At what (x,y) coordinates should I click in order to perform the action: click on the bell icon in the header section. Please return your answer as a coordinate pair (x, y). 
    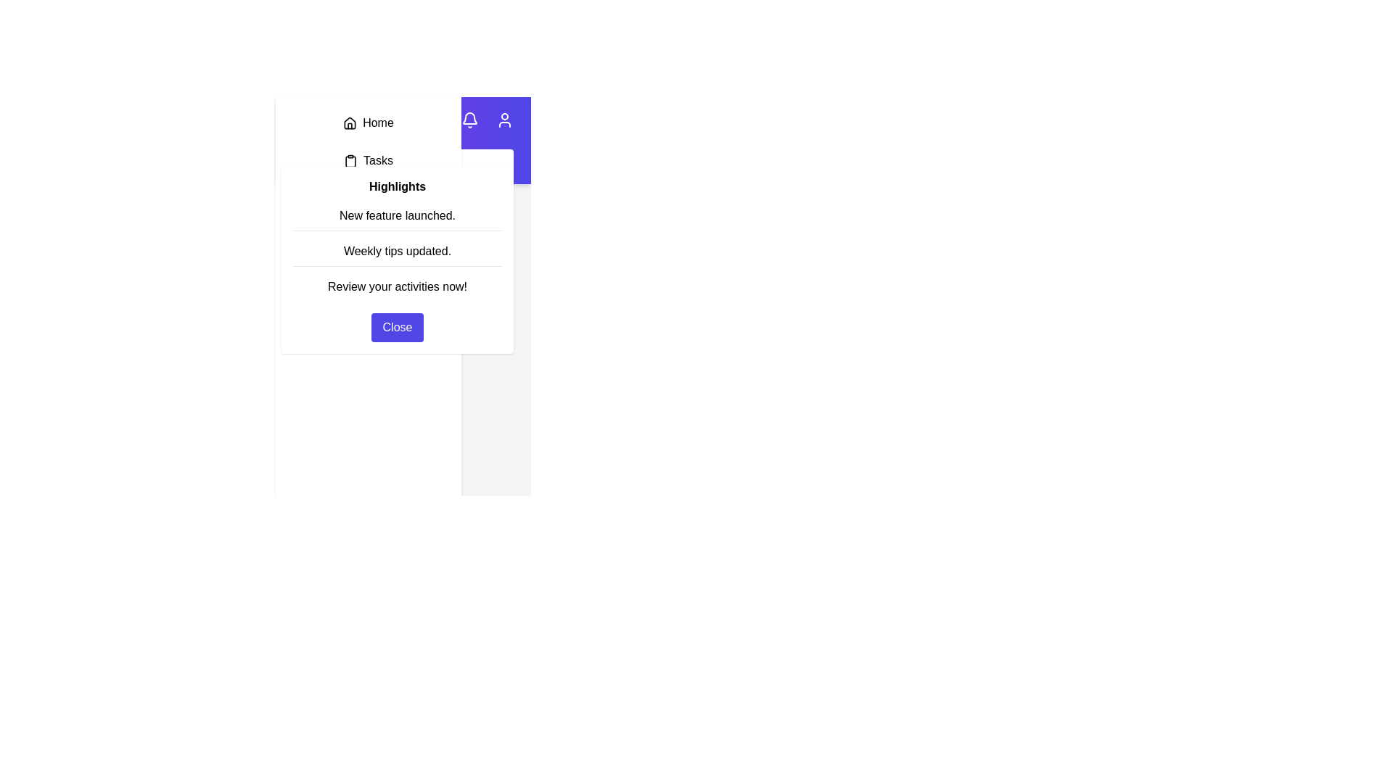
    Looking at the image, I should click on (470, 119).